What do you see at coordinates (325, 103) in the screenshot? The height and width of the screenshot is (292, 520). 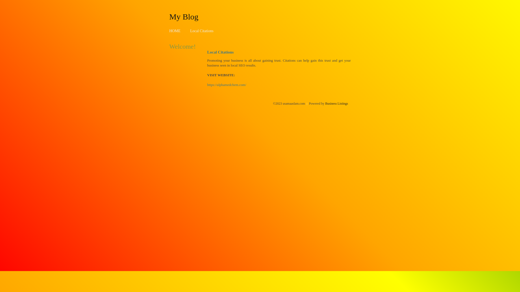 I see `'Business Listings'` at bounding box center [325, 103].